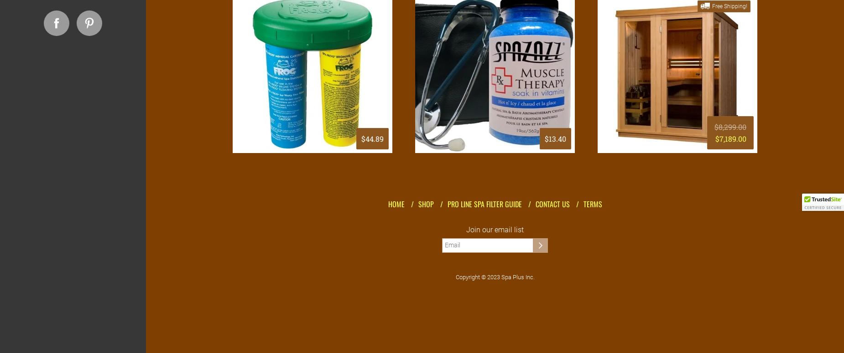  I want to click on 'Home', so click(396, 204).